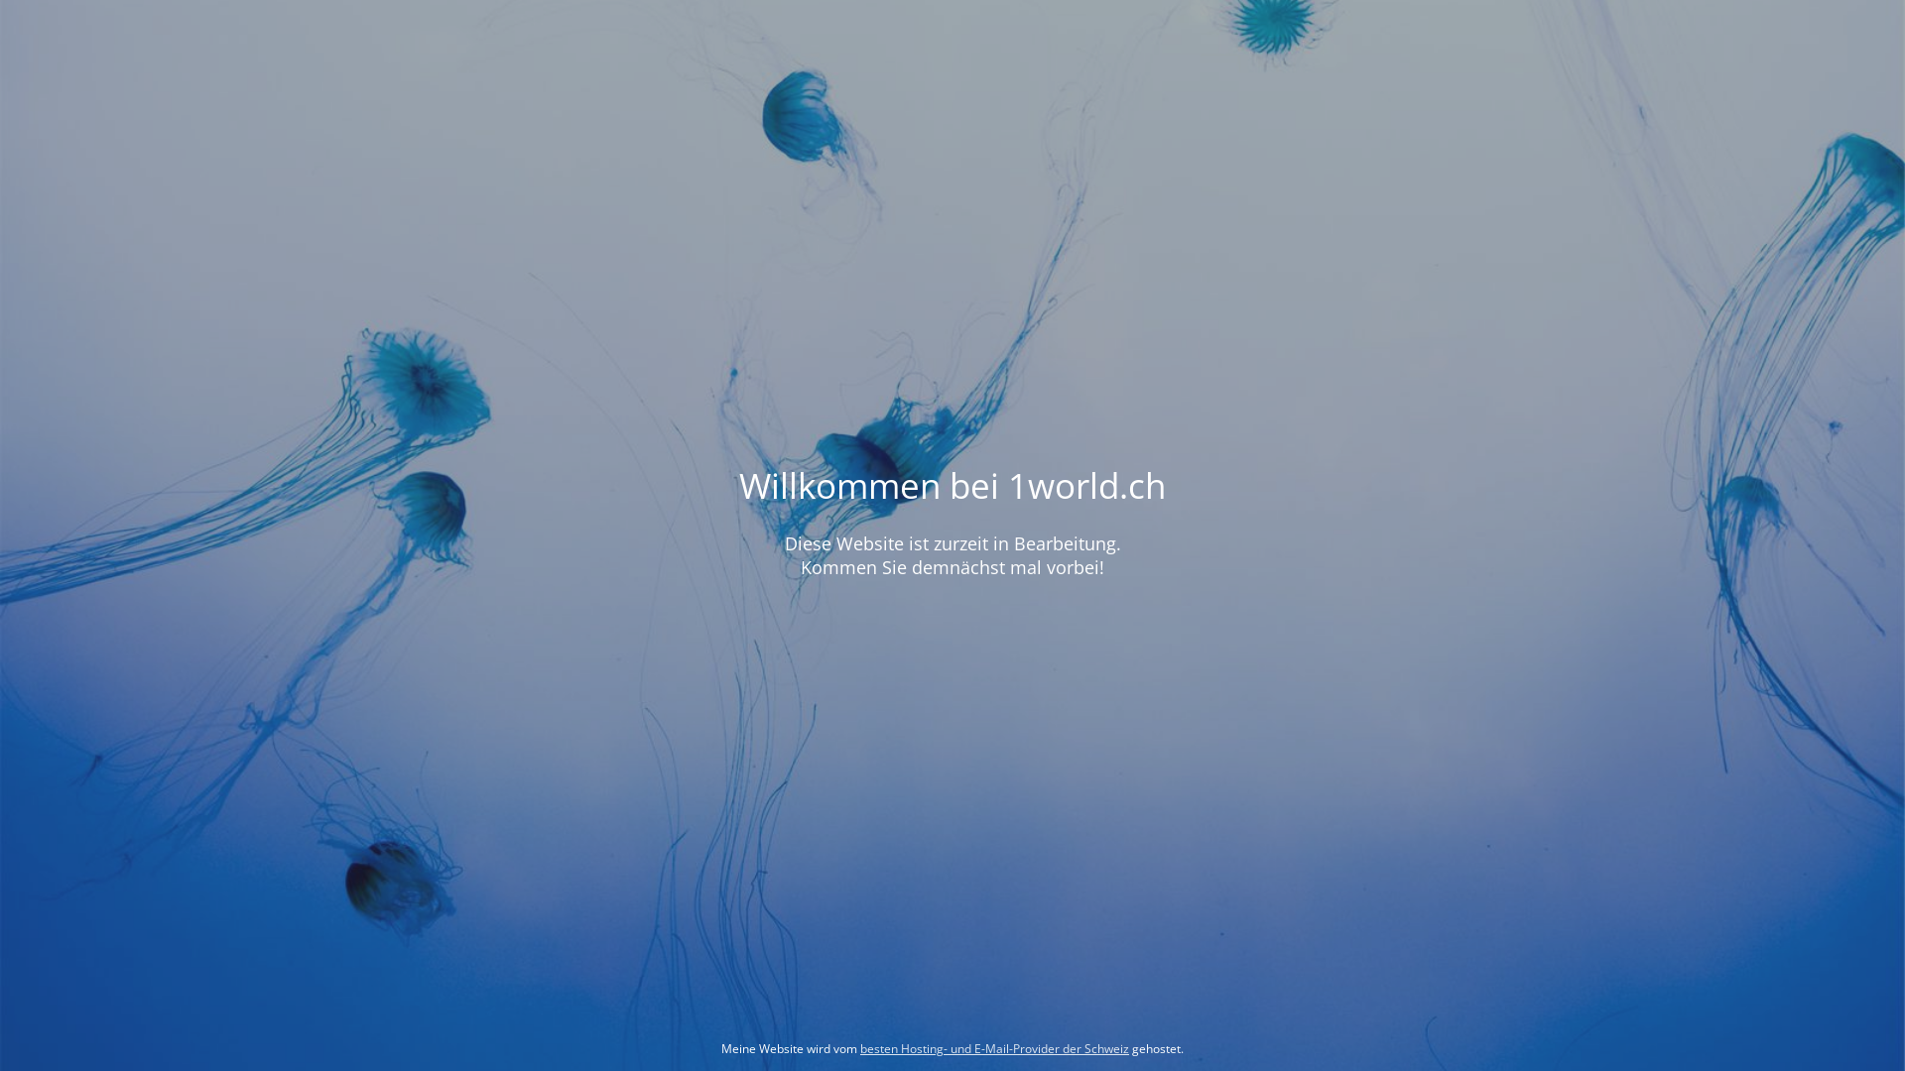 This screenshot has width=1905, height=1071. Describe the element at coordinates (860, 1047) in the screenshot. I see `'besten Hosting- und E-Mail-Provider der Schweiz'` at that location.